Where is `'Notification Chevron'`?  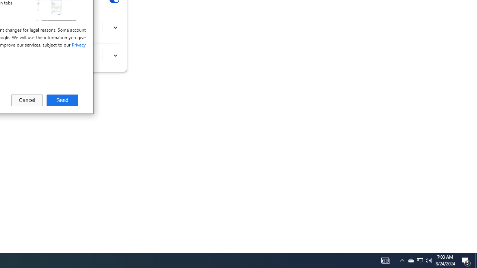 'Notification Chevron' is located at coordinates (410, 260).